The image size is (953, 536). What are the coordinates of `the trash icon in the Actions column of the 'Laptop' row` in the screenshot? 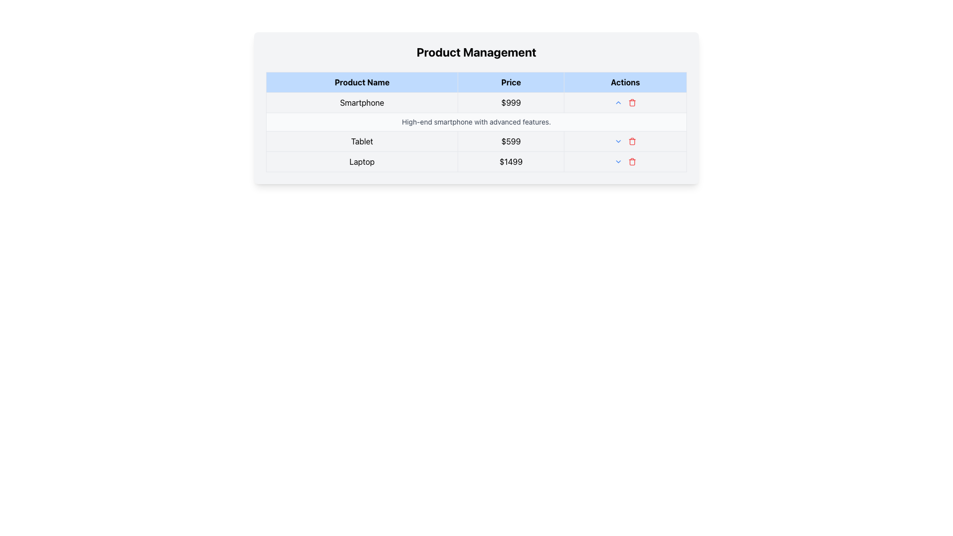 It's located at (624, 161).